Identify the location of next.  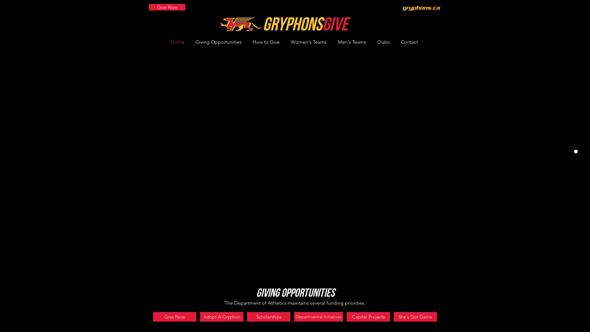
(440, 108).